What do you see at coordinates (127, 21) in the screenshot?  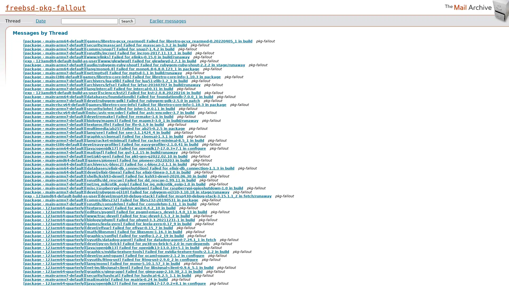 I see `Search` at bounding box center [127, 21].